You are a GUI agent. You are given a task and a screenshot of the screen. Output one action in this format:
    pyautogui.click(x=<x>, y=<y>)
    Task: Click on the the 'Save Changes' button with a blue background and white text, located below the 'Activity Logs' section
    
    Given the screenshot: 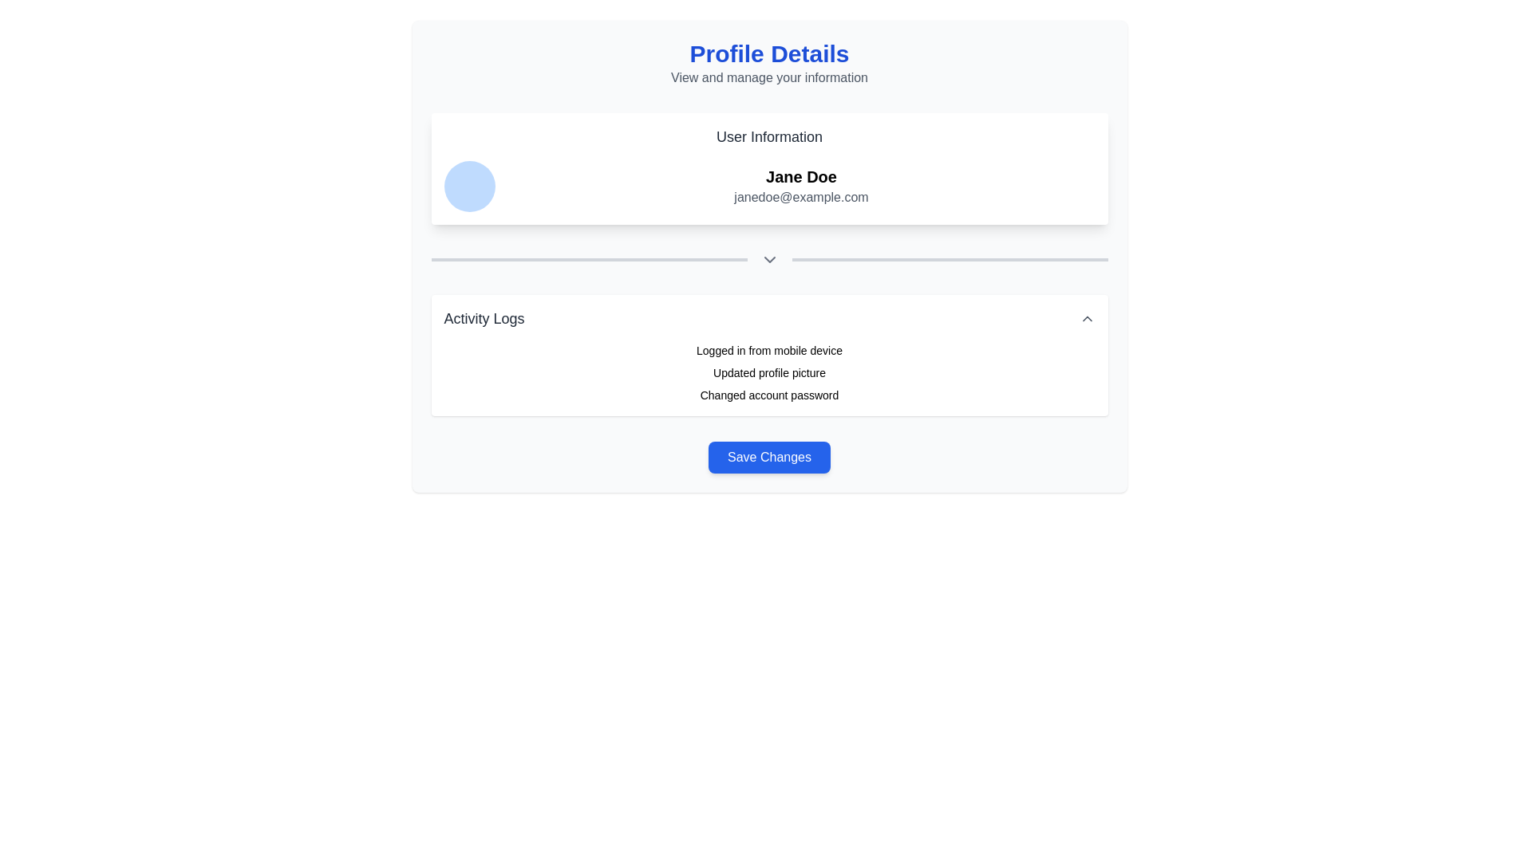 What is the action you would take?
    pyautogui.click(x=769, y=458)
    